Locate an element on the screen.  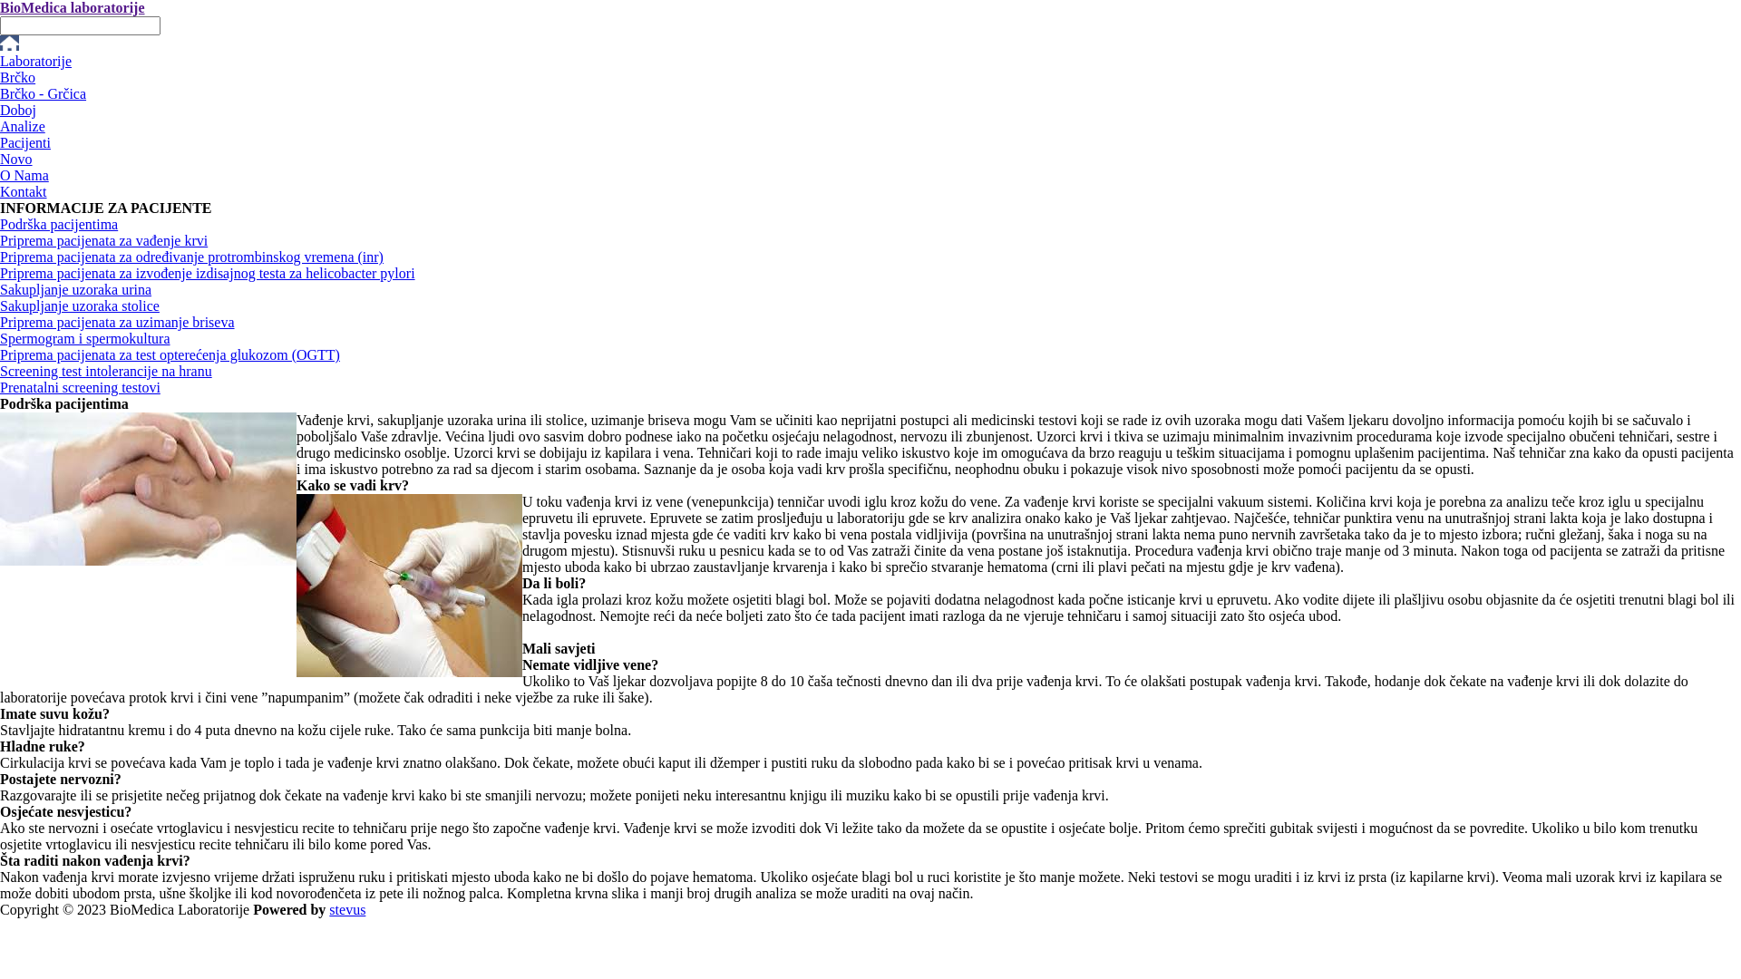
'Screening test intolerancije na hranu' is located at coordinates (0, 370).